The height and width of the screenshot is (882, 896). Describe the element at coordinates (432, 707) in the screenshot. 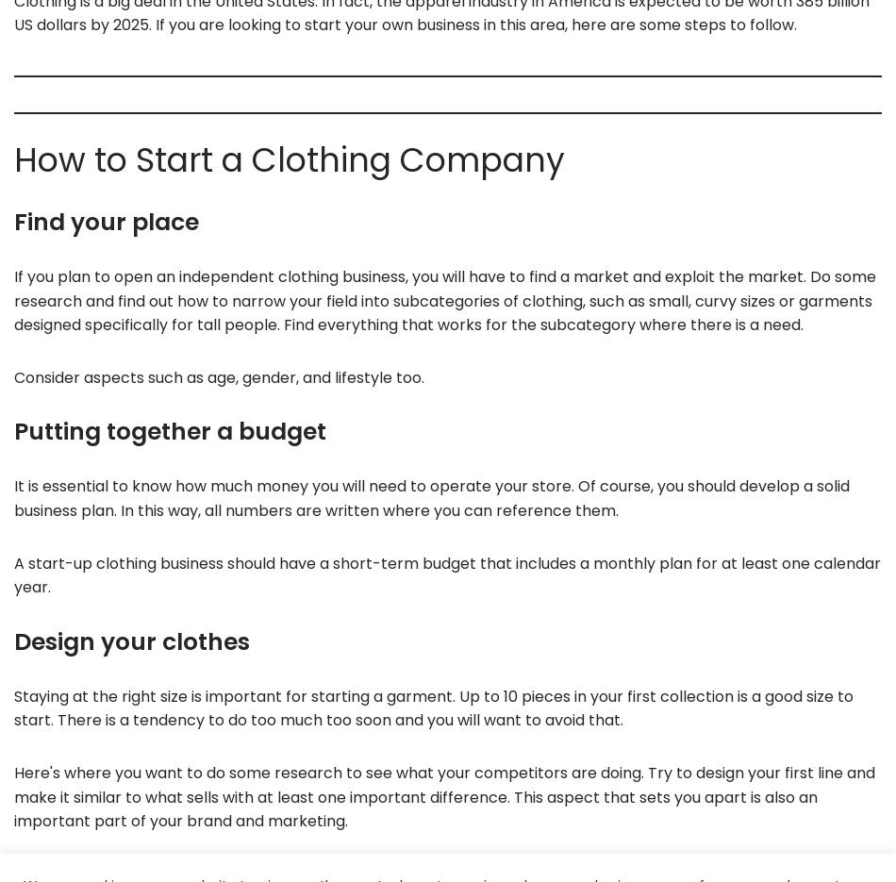

I see `'Staying at the right size is important for starting a garment. Up to 10 pieces in your first collection is a good size to start. There is a tendency to do too much too soon and you will want to avoid that.'` at that location.